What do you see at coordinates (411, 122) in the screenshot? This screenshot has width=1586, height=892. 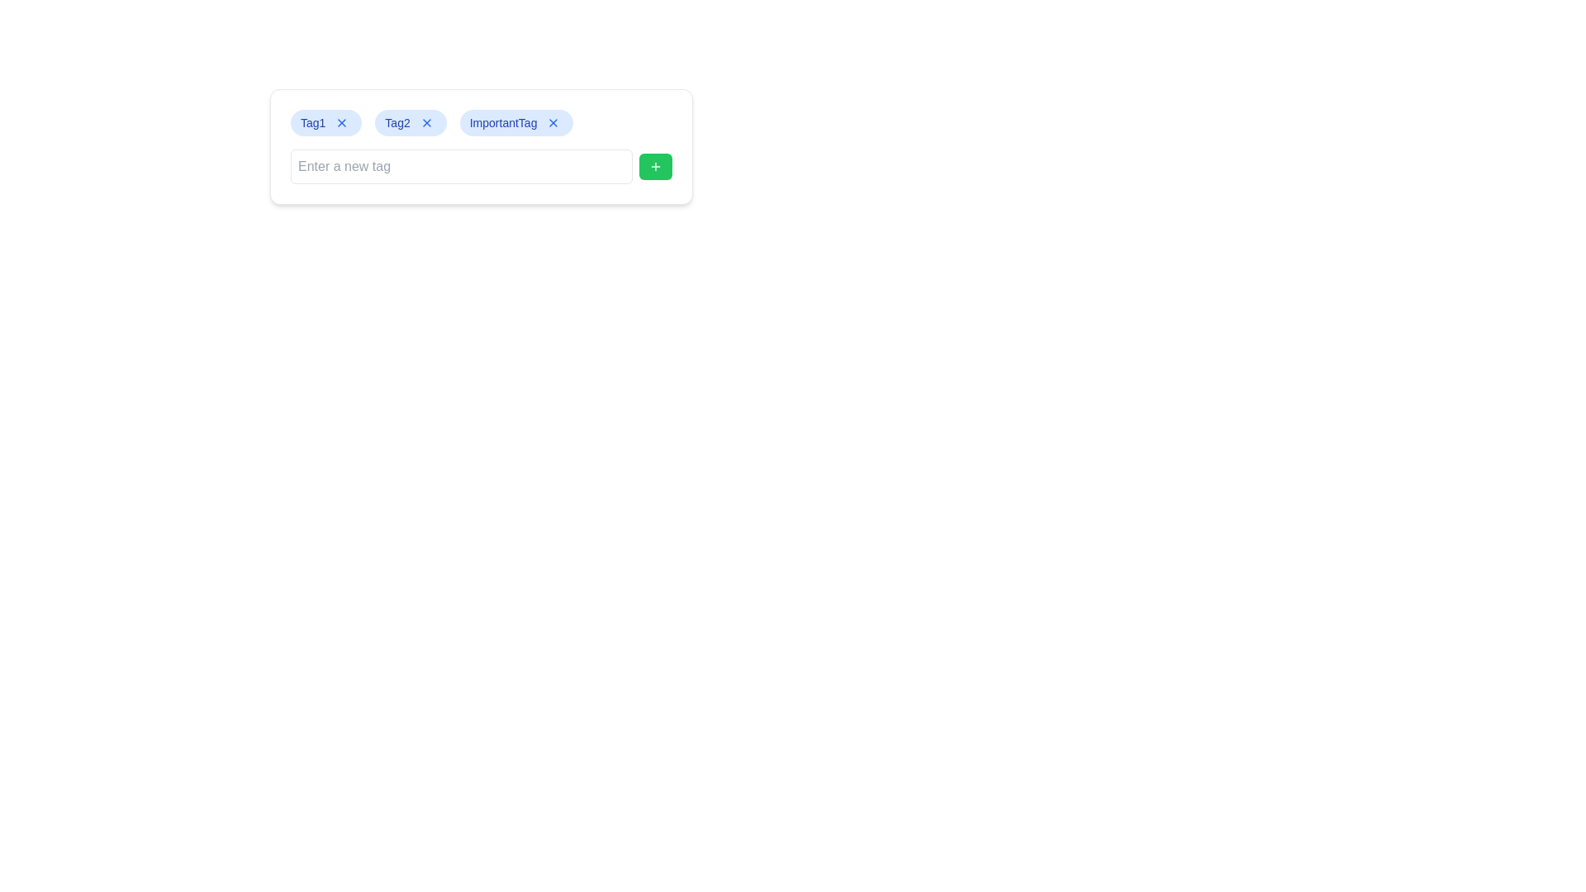 I see `the tag labeled 'Tag2' for keyboard navigation` at bounding box center [411, 122].